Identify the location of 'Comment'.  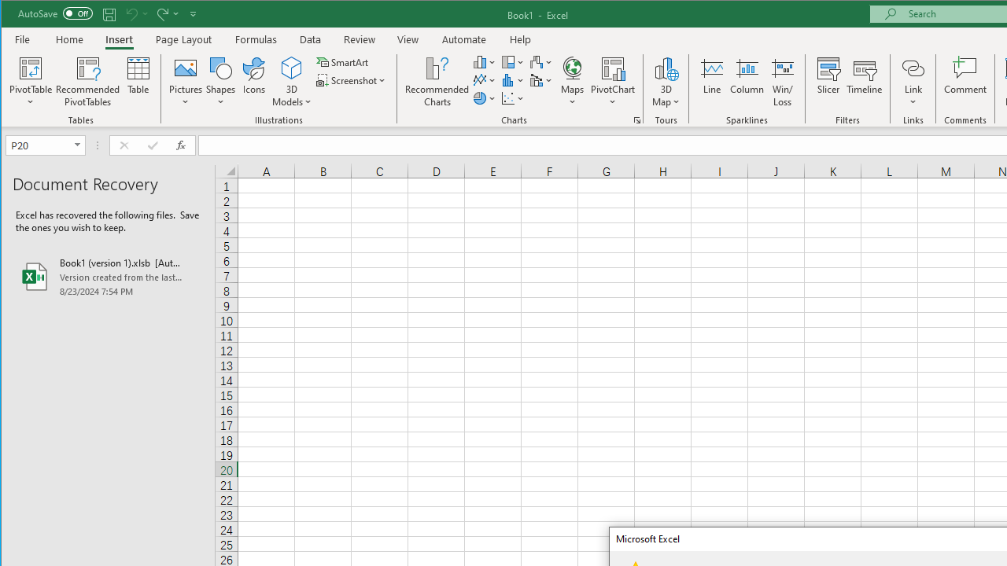
(965, 82).